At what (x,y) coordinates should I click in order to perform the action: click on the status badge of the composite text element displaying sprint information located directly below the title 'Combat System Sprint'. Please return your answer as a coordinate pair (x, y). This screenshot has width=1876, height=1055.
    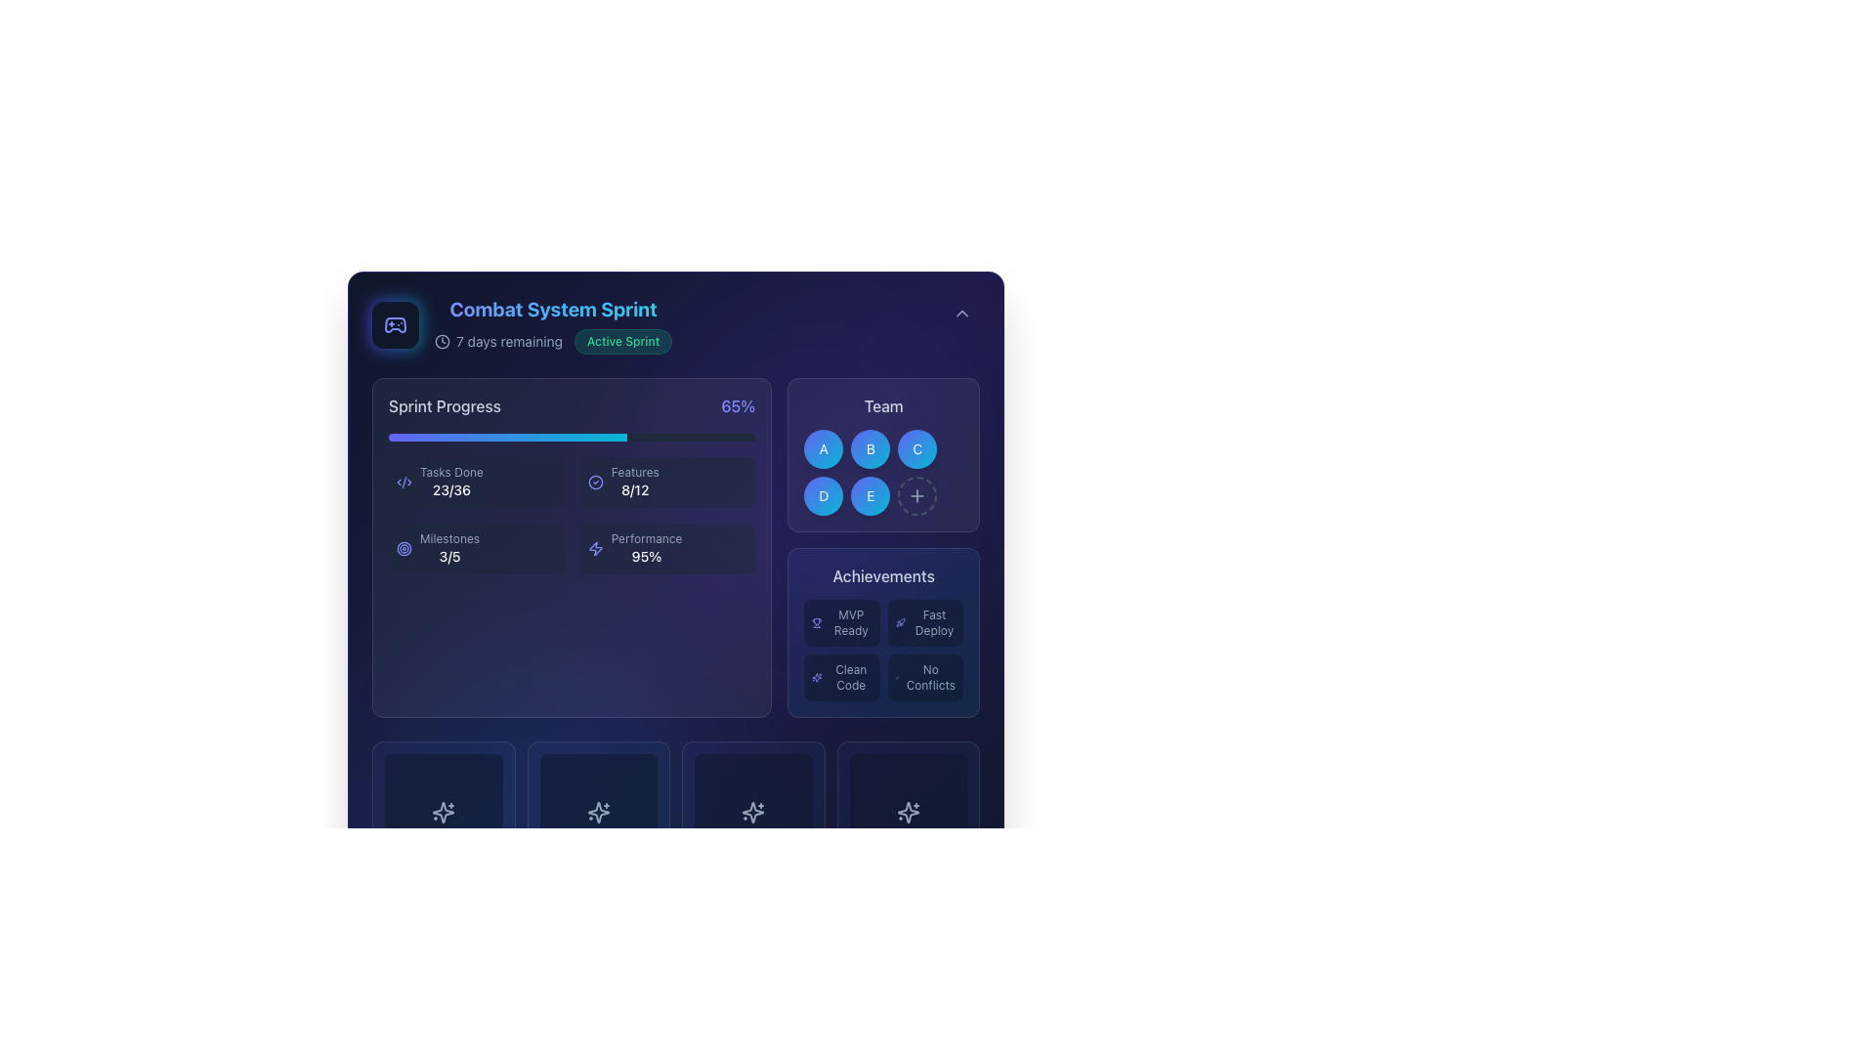
    Looking at the image, I should click on (552, 341).